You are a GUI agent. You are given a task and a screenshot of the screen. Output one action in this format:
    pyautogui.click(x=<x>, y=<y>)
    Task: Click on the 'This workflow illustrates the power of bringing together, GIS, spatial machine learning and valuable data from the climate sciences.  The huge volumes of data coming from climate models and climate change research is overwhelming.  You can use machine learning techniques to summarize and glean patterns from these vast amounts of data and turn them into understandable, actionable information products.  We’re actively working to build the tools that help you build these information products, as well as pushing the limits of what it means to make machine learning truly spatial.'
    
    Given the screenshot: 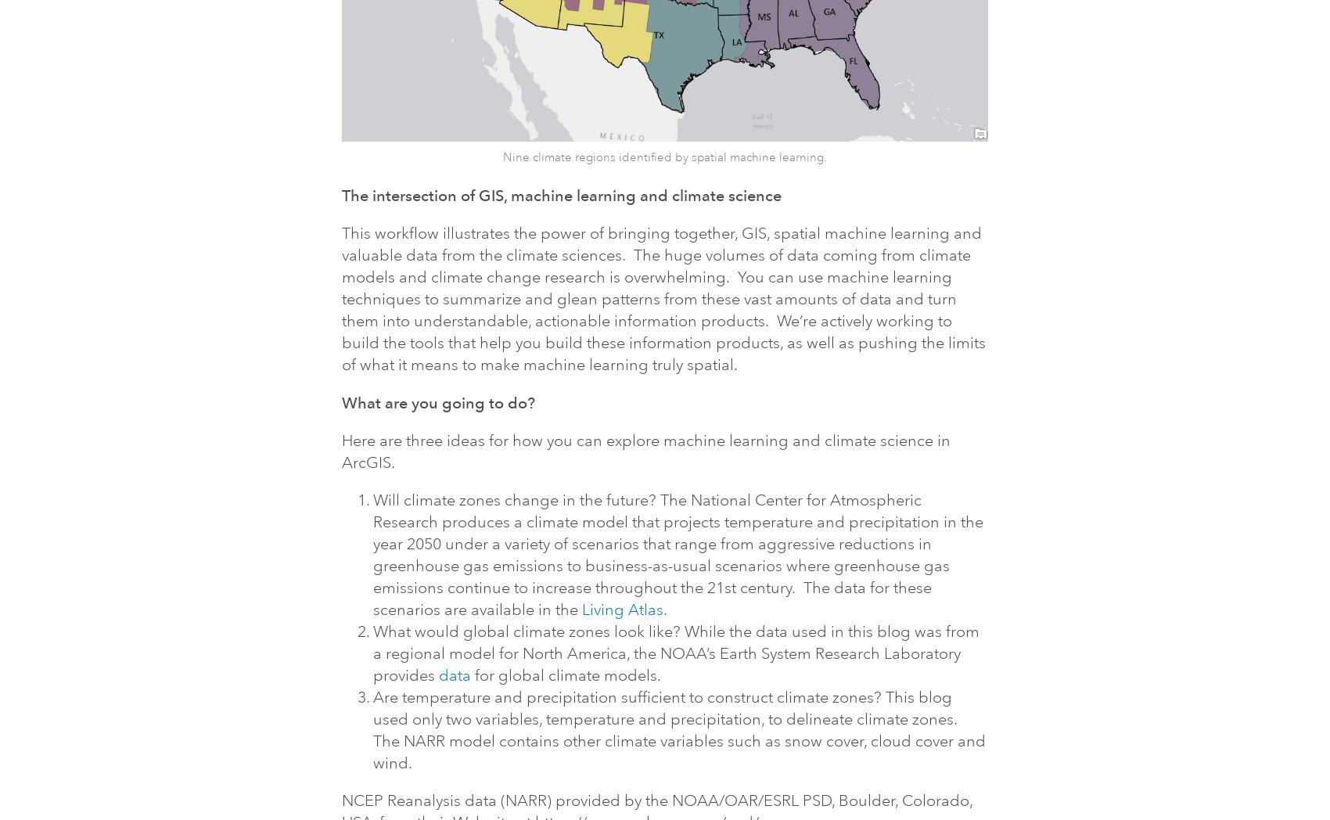 What is the action you would take?
    pyautogui.click(x=663, y=297)
    